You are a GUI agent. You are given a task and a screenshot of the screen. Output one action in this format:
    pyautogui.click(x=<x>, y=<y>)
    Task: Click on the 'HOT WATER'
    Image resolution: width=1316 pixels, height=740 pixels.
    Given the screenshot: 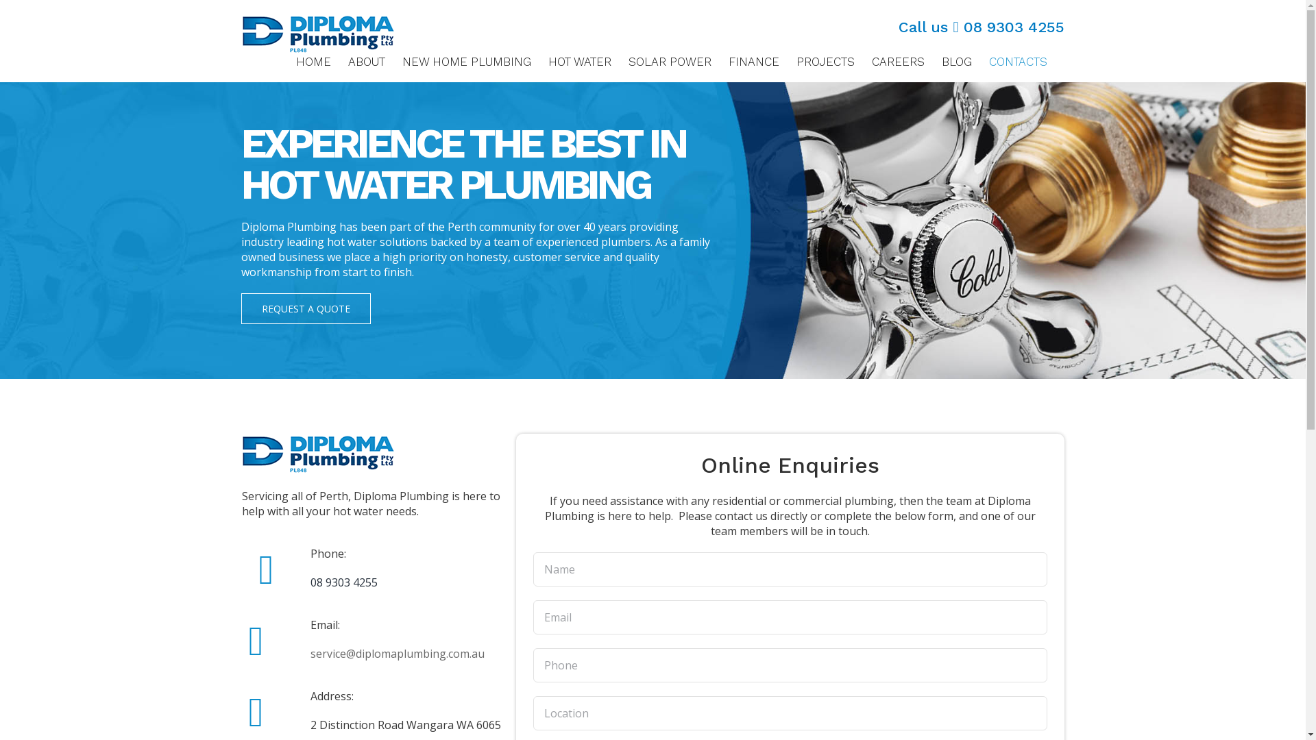 What is the action you would take?
    pyautogui.click(x=548, y=60)
    